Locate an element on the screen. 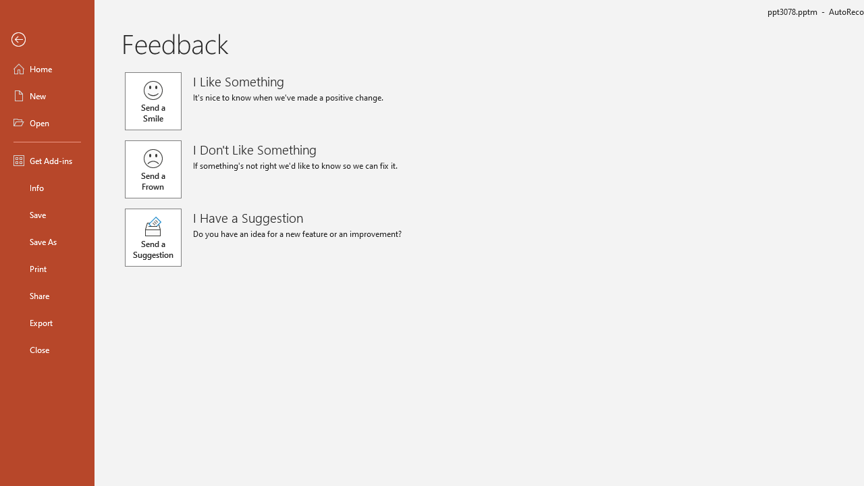 This screenshot has height=486, width=864. 'Print' is located at coordinates (47, 269).